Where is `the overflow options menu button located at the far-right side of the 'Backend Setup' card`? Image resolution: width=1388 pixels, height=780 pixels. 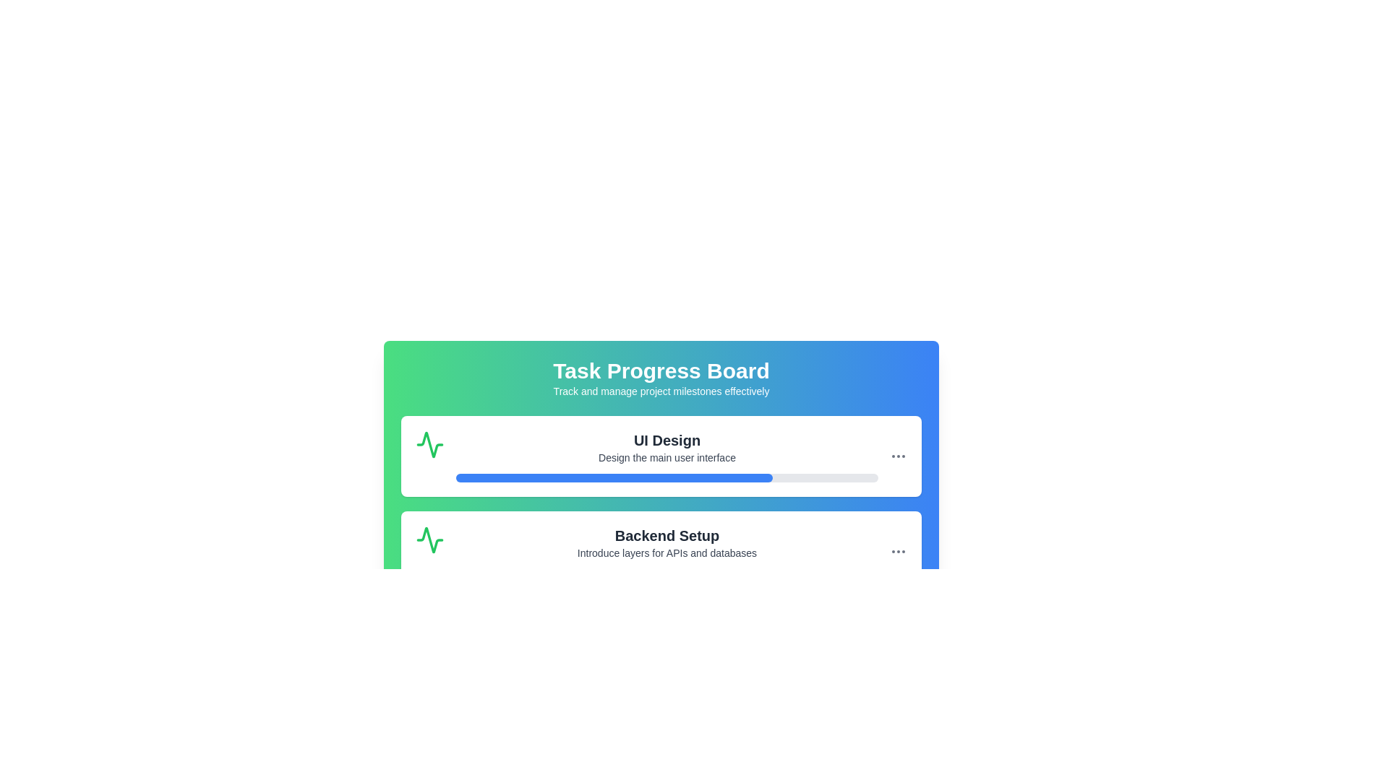
the overflow options menu button located at the far-right side of the 'Backend Setup' card is located at coordinates (898, 551).